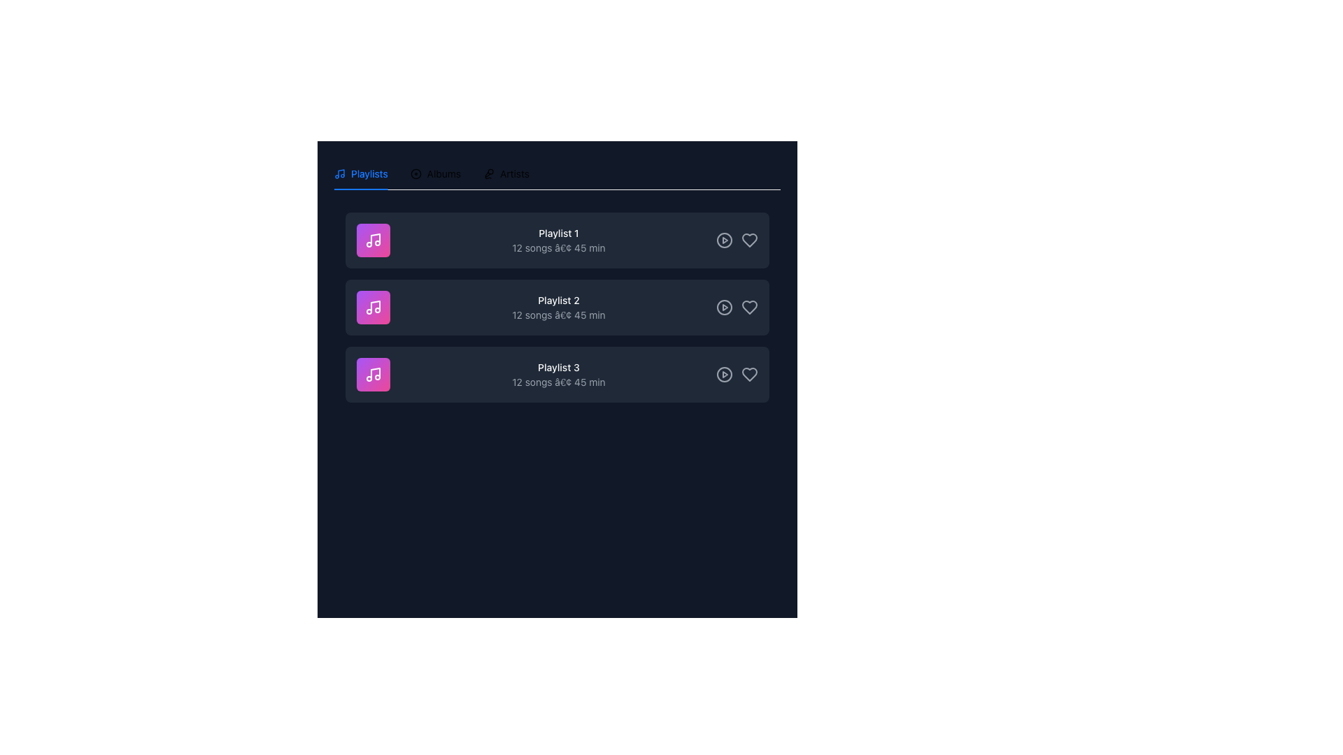  What do you see at coordinates (373, 239) in the screenshot?
I see `the music playlist icon located at the top-left corner of the first card in the playlist interface, which has a pink-to-purple gradient fill and rounded corners` at bounding box center [373, 239].